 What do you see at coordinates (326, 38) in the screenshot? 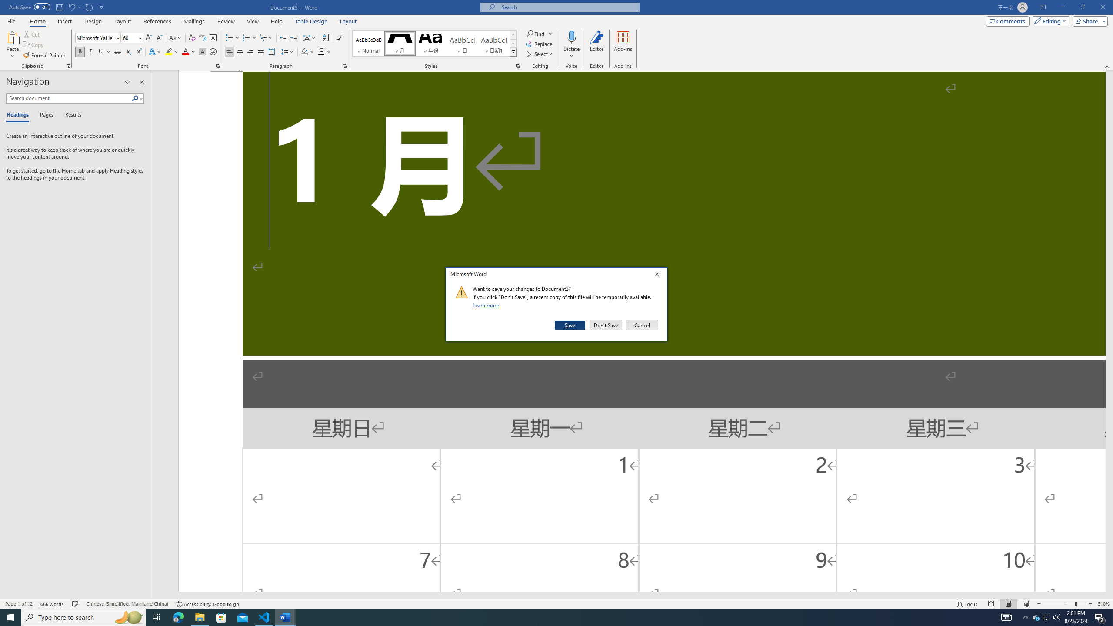
I see `'Sort...'` at bounding box center [326, 38].